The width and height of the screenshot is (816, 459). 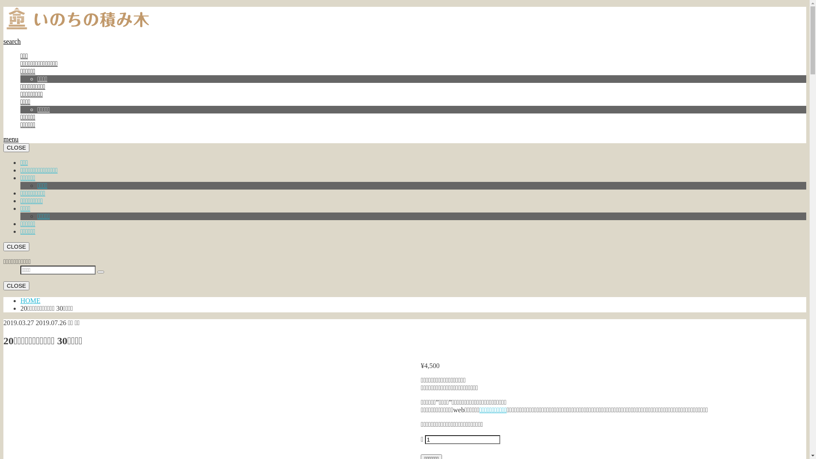 I want to click on 'menu', so click(x=11, y=139).